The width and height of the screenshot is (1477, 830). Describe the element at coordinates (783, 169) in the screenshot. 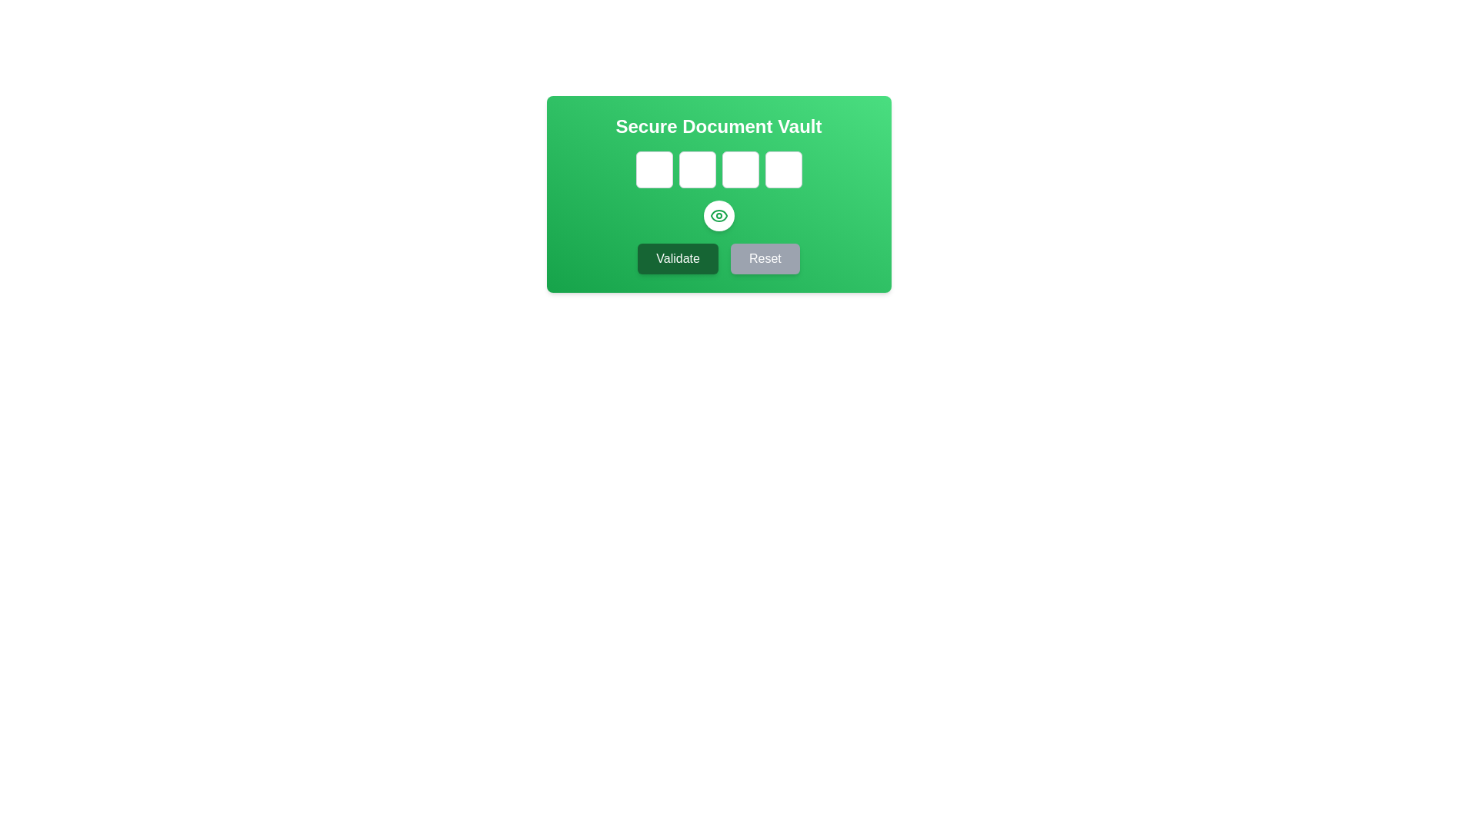

I see `the fourth password input box located within a green panel to focus the input` at that location.